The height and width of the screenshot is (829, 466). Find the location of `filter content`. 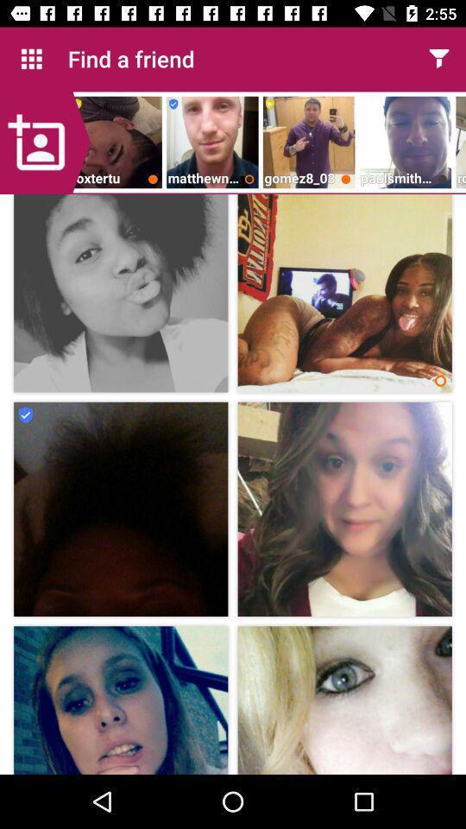

filter content is located at coordinates (438, 59).